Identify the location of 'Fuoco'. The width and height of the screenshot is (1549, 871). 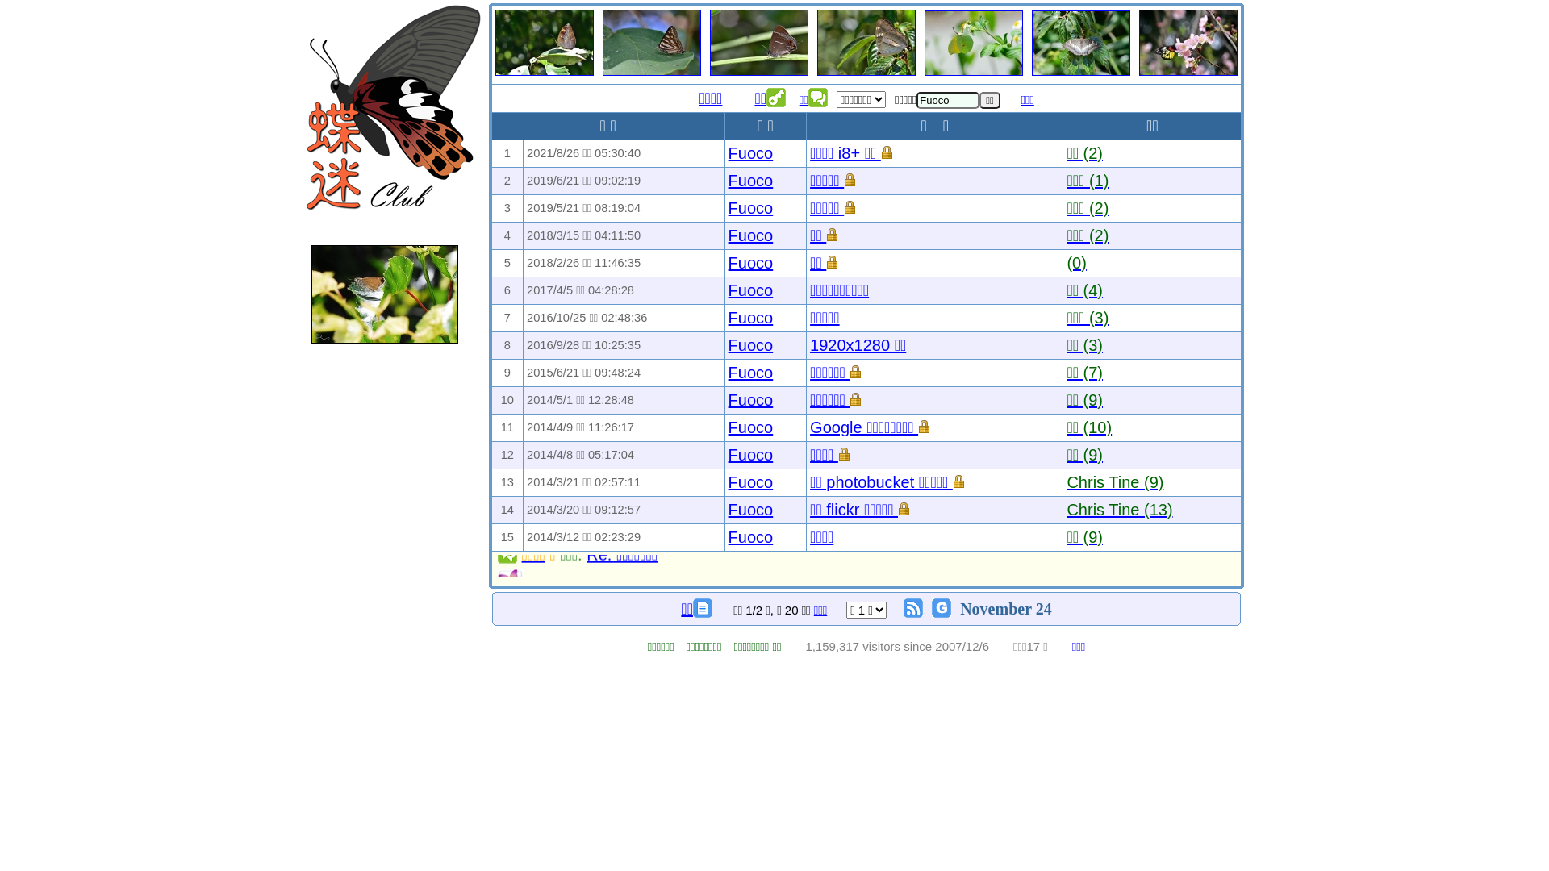
(727, 262).